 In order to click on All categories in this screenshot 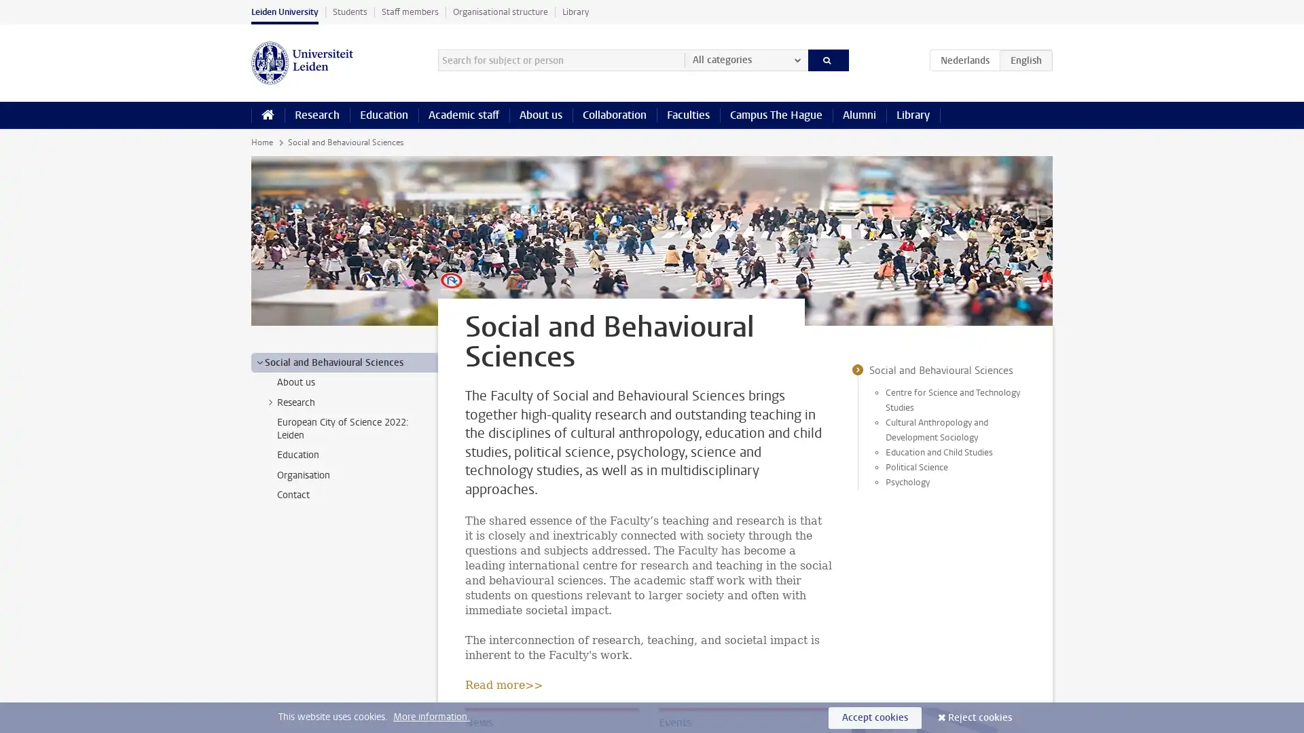, I will do `click(745, 59)`.